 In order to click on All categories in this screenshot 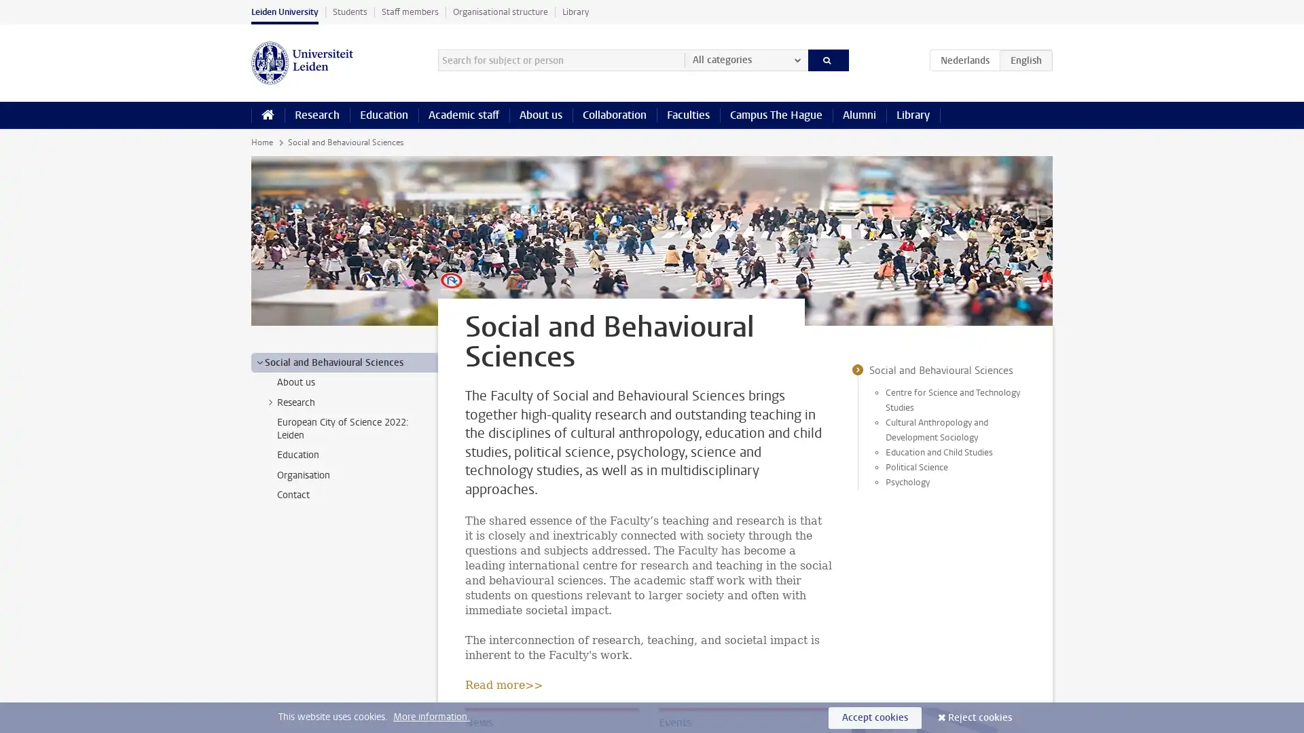, I will do `click(745, 59)`.